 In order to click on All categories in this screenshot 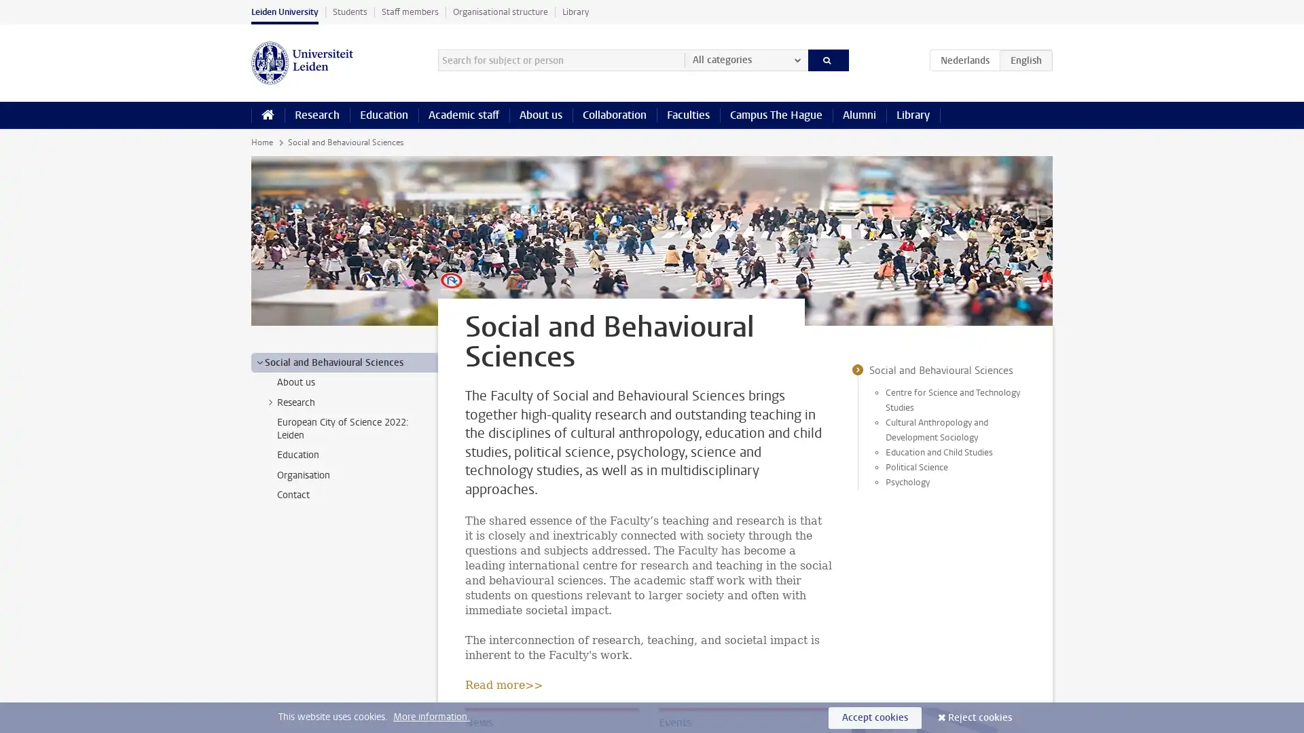, I will do `click(745, 59)`.